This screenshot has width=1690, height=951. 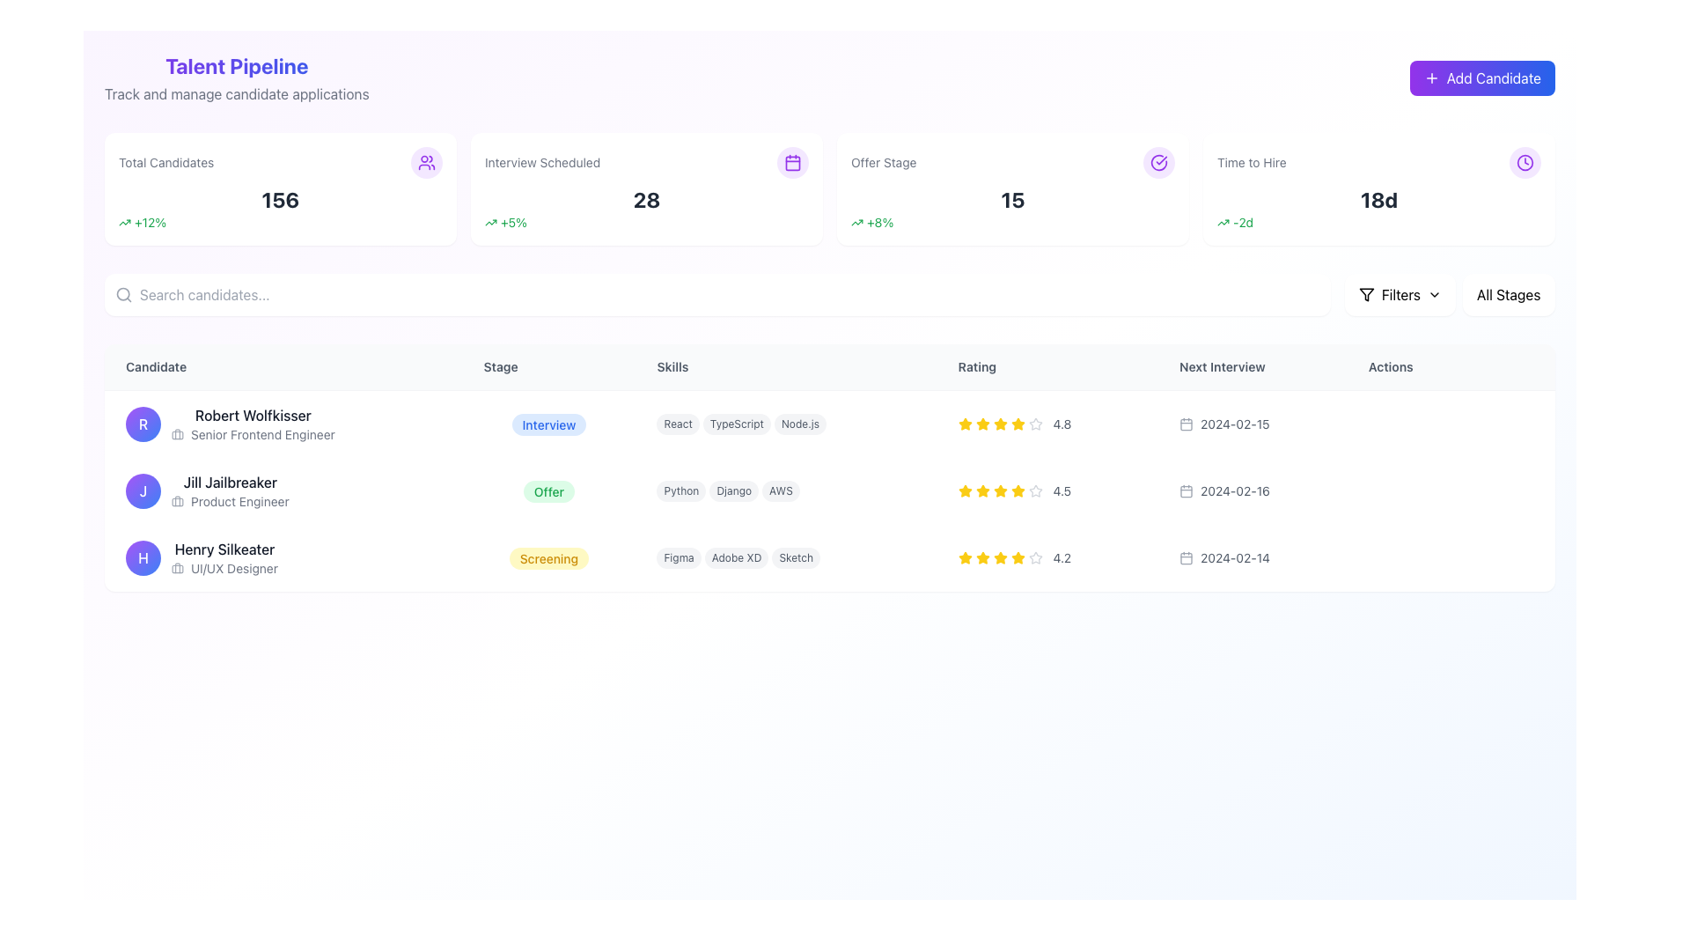 I want to click on the icon that visually reinforces the '+5%' text, indicating a positive metric or trend, located directly to the left of the text on the dashboard interface, so click(x=490, y=222).